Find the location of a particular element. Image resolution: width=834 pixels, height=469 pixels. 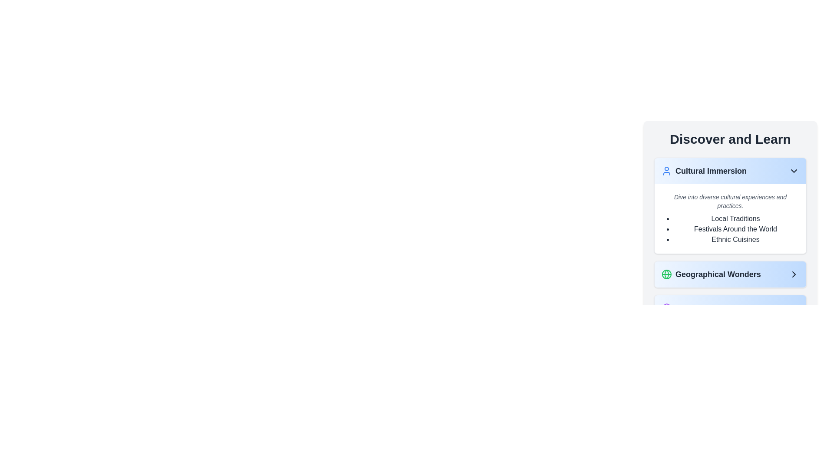

the label item in the 'Cultural Immersion' section, which is the third item in the bulleted list is located at coordinates (735, 239).